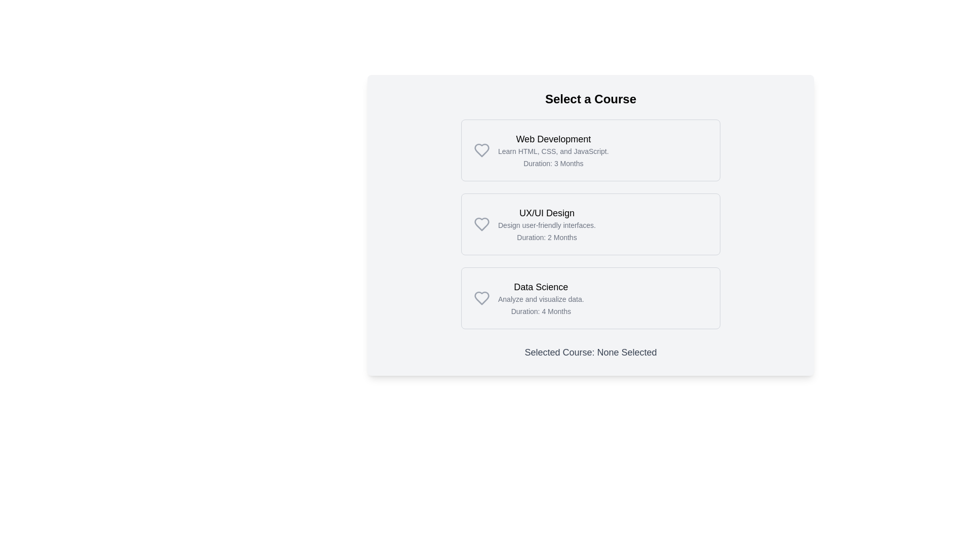  Describe the element at coordinates (590, 224) in the screenshot. I see `the selectable cards in the course list` at that location.